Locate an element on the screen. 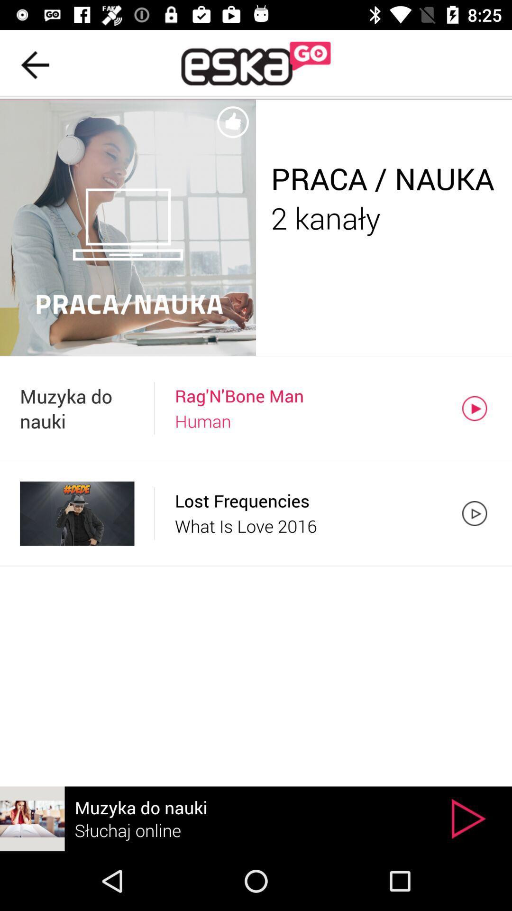 The image size is (512, 911). the play icon is located at coordinates (468, 818).